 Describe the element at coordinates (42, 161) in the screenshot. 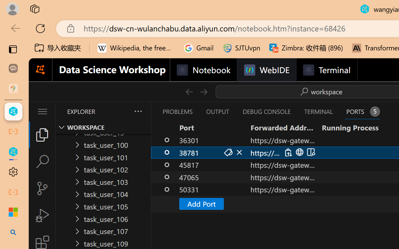

I see `'Search (Ctrl+Shift+F)'` at that location.